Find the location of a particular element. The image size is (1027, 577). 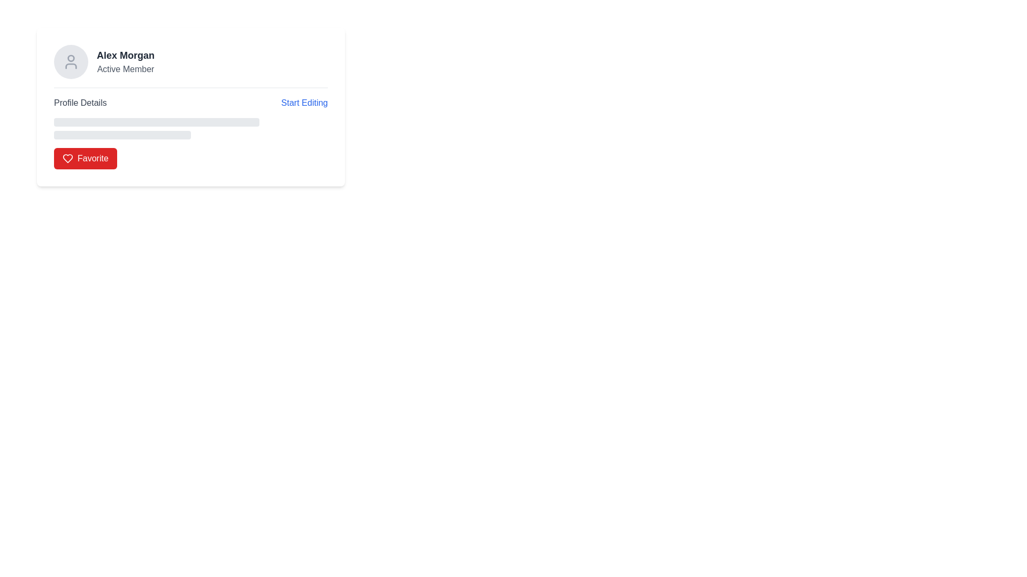

the 'Favorite' icon located within the red button labeled 'Favorite' is located at coordinates (67, 159).